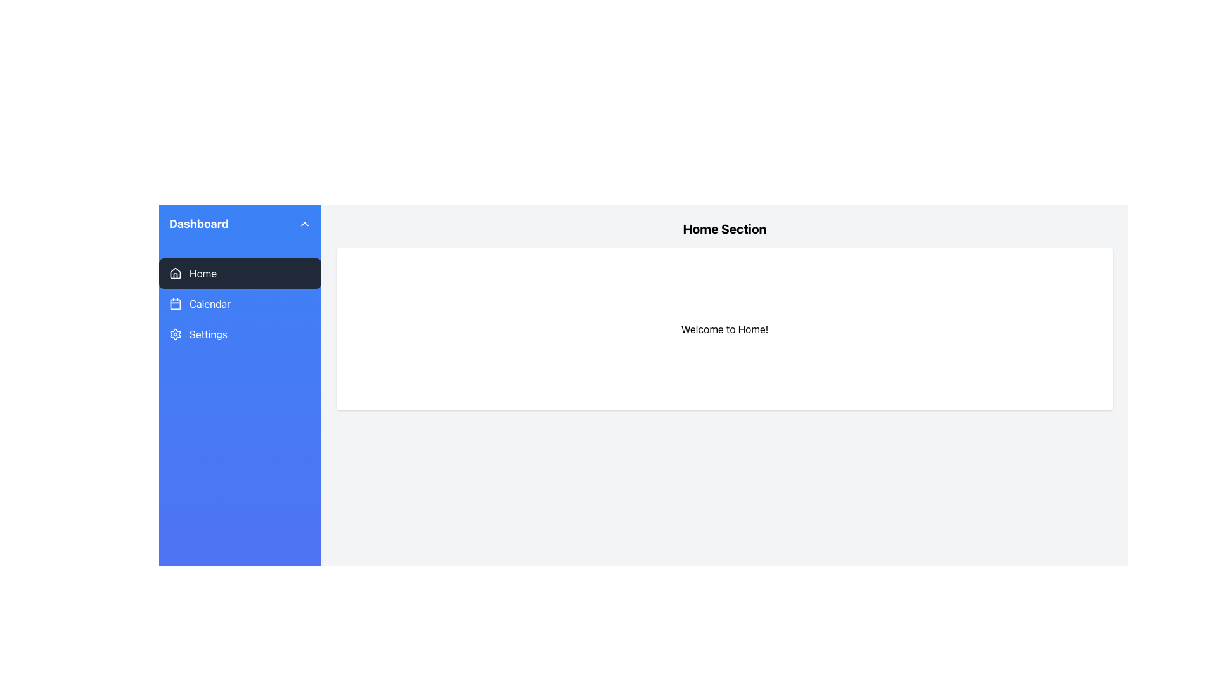 The height and width of the screenshot is (684, 1217). Describe the element at coordinates (175, 334) in the screenshot. I see `the gear icon associated with the 'Settings' menu in the sidebar navigation, which is located to the left of the text 'Settings'` at that location.